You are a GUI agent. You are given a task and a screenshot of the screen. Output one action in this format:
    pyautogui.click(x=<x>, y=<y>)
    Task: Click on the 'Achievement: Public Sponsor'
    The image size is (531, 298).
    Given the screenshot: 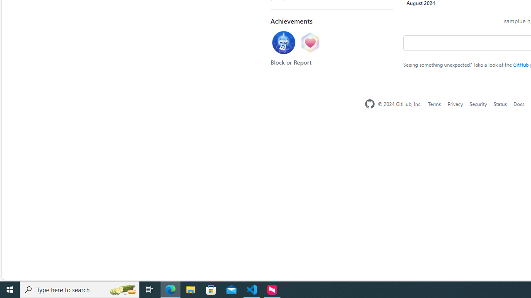 What is the action you would take?
    pyautogui.click(x=309, y=43)
    